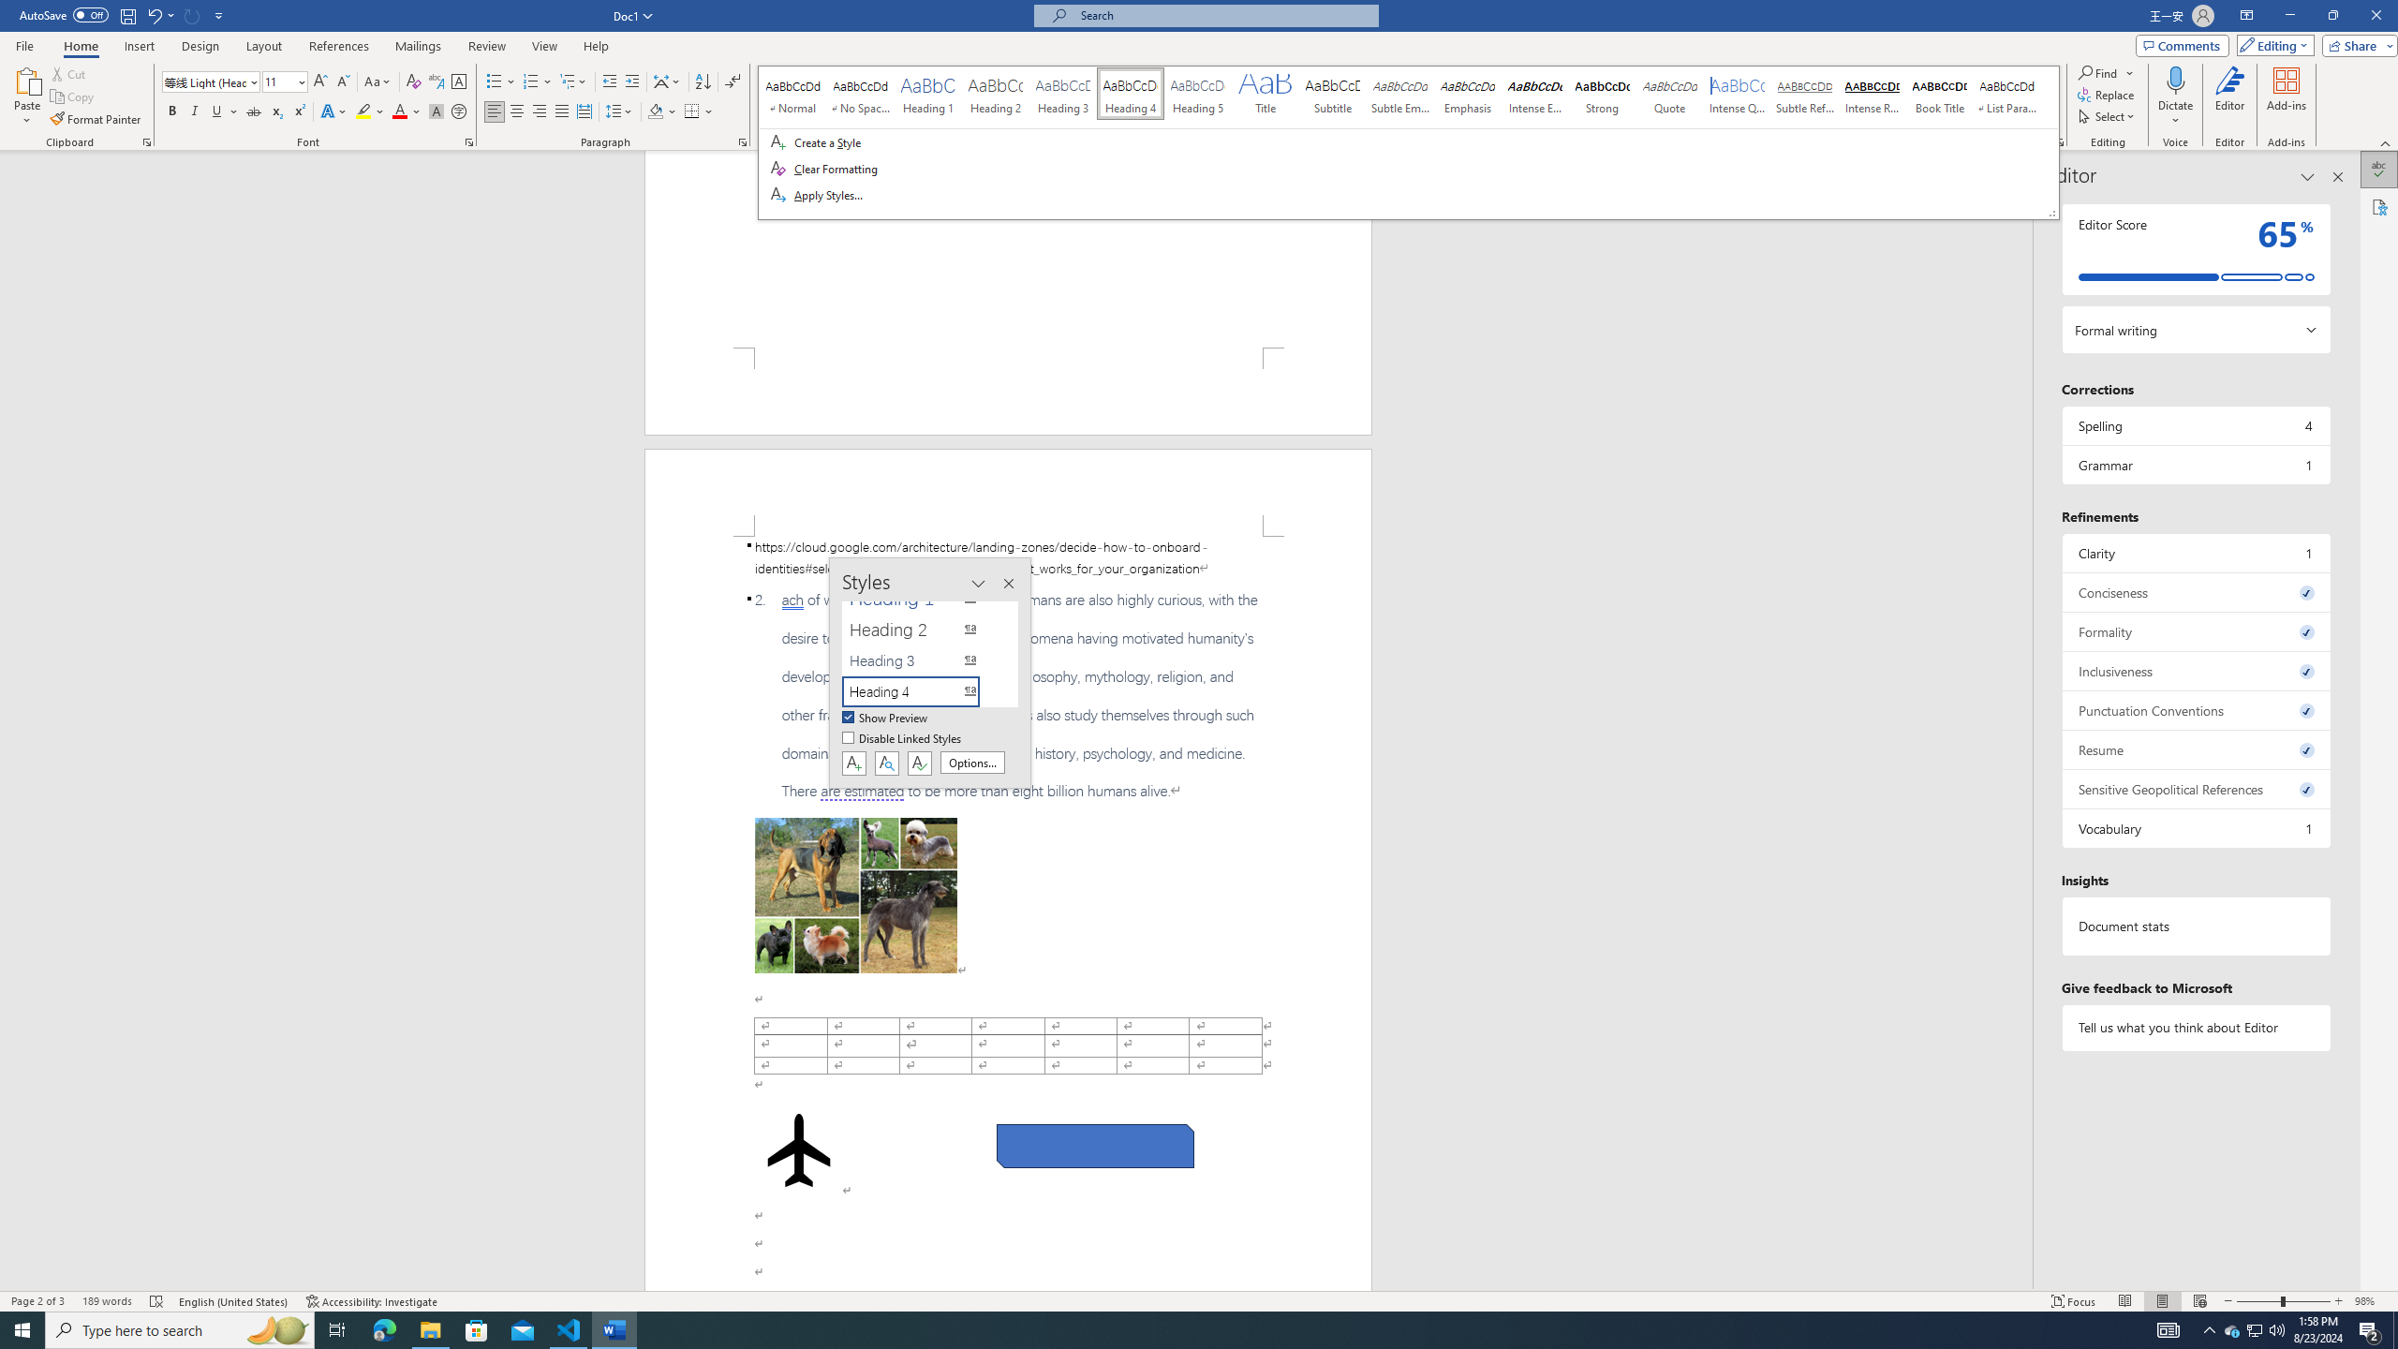  Describe the element at coordinates (972, 762) in the screenshot. I see `'Options...'` at that location.